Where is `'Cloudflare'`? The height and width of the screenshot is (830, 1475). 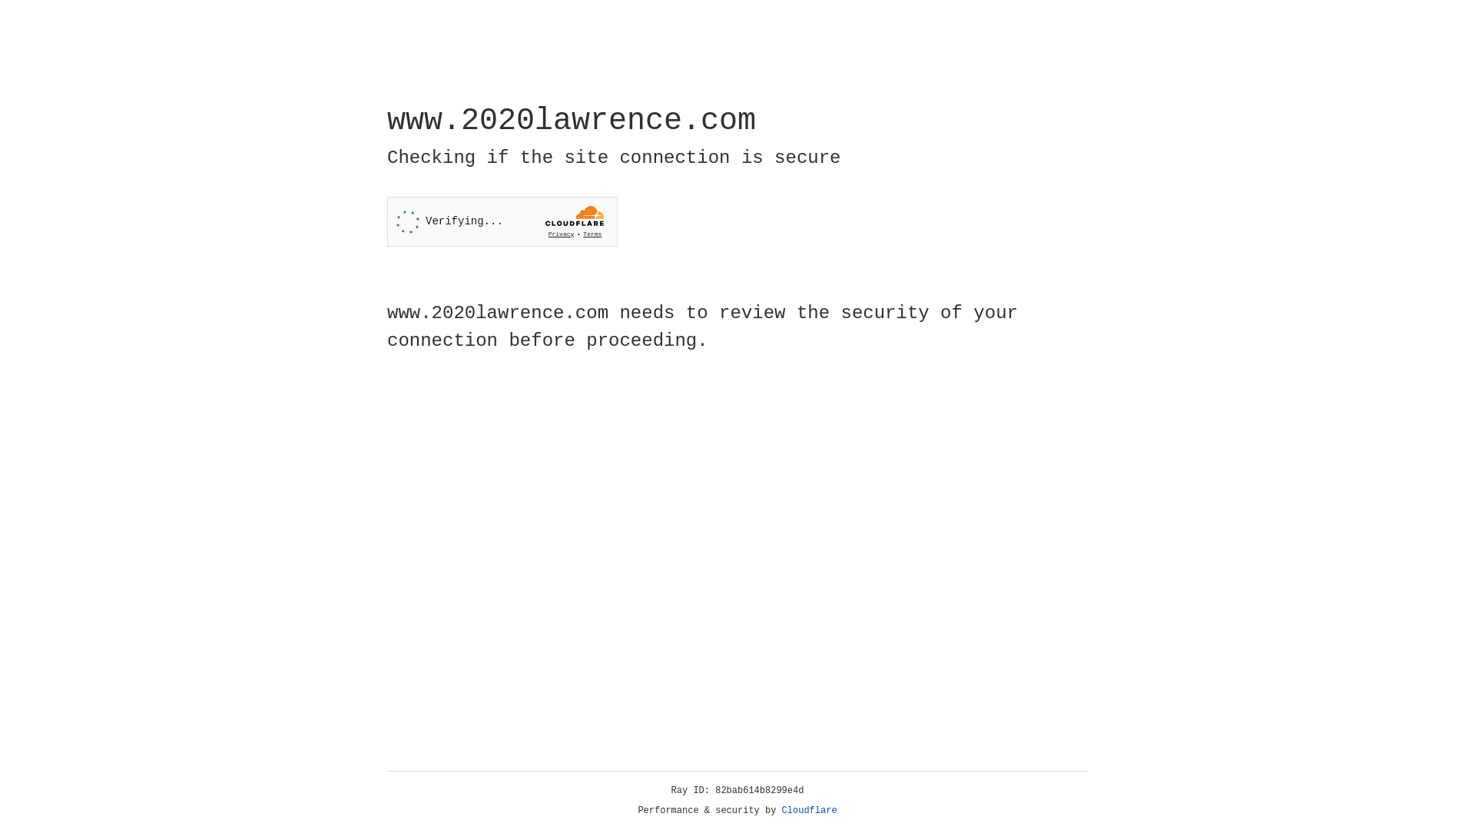
'Cloudflare' is located at coordinates (809, 810).